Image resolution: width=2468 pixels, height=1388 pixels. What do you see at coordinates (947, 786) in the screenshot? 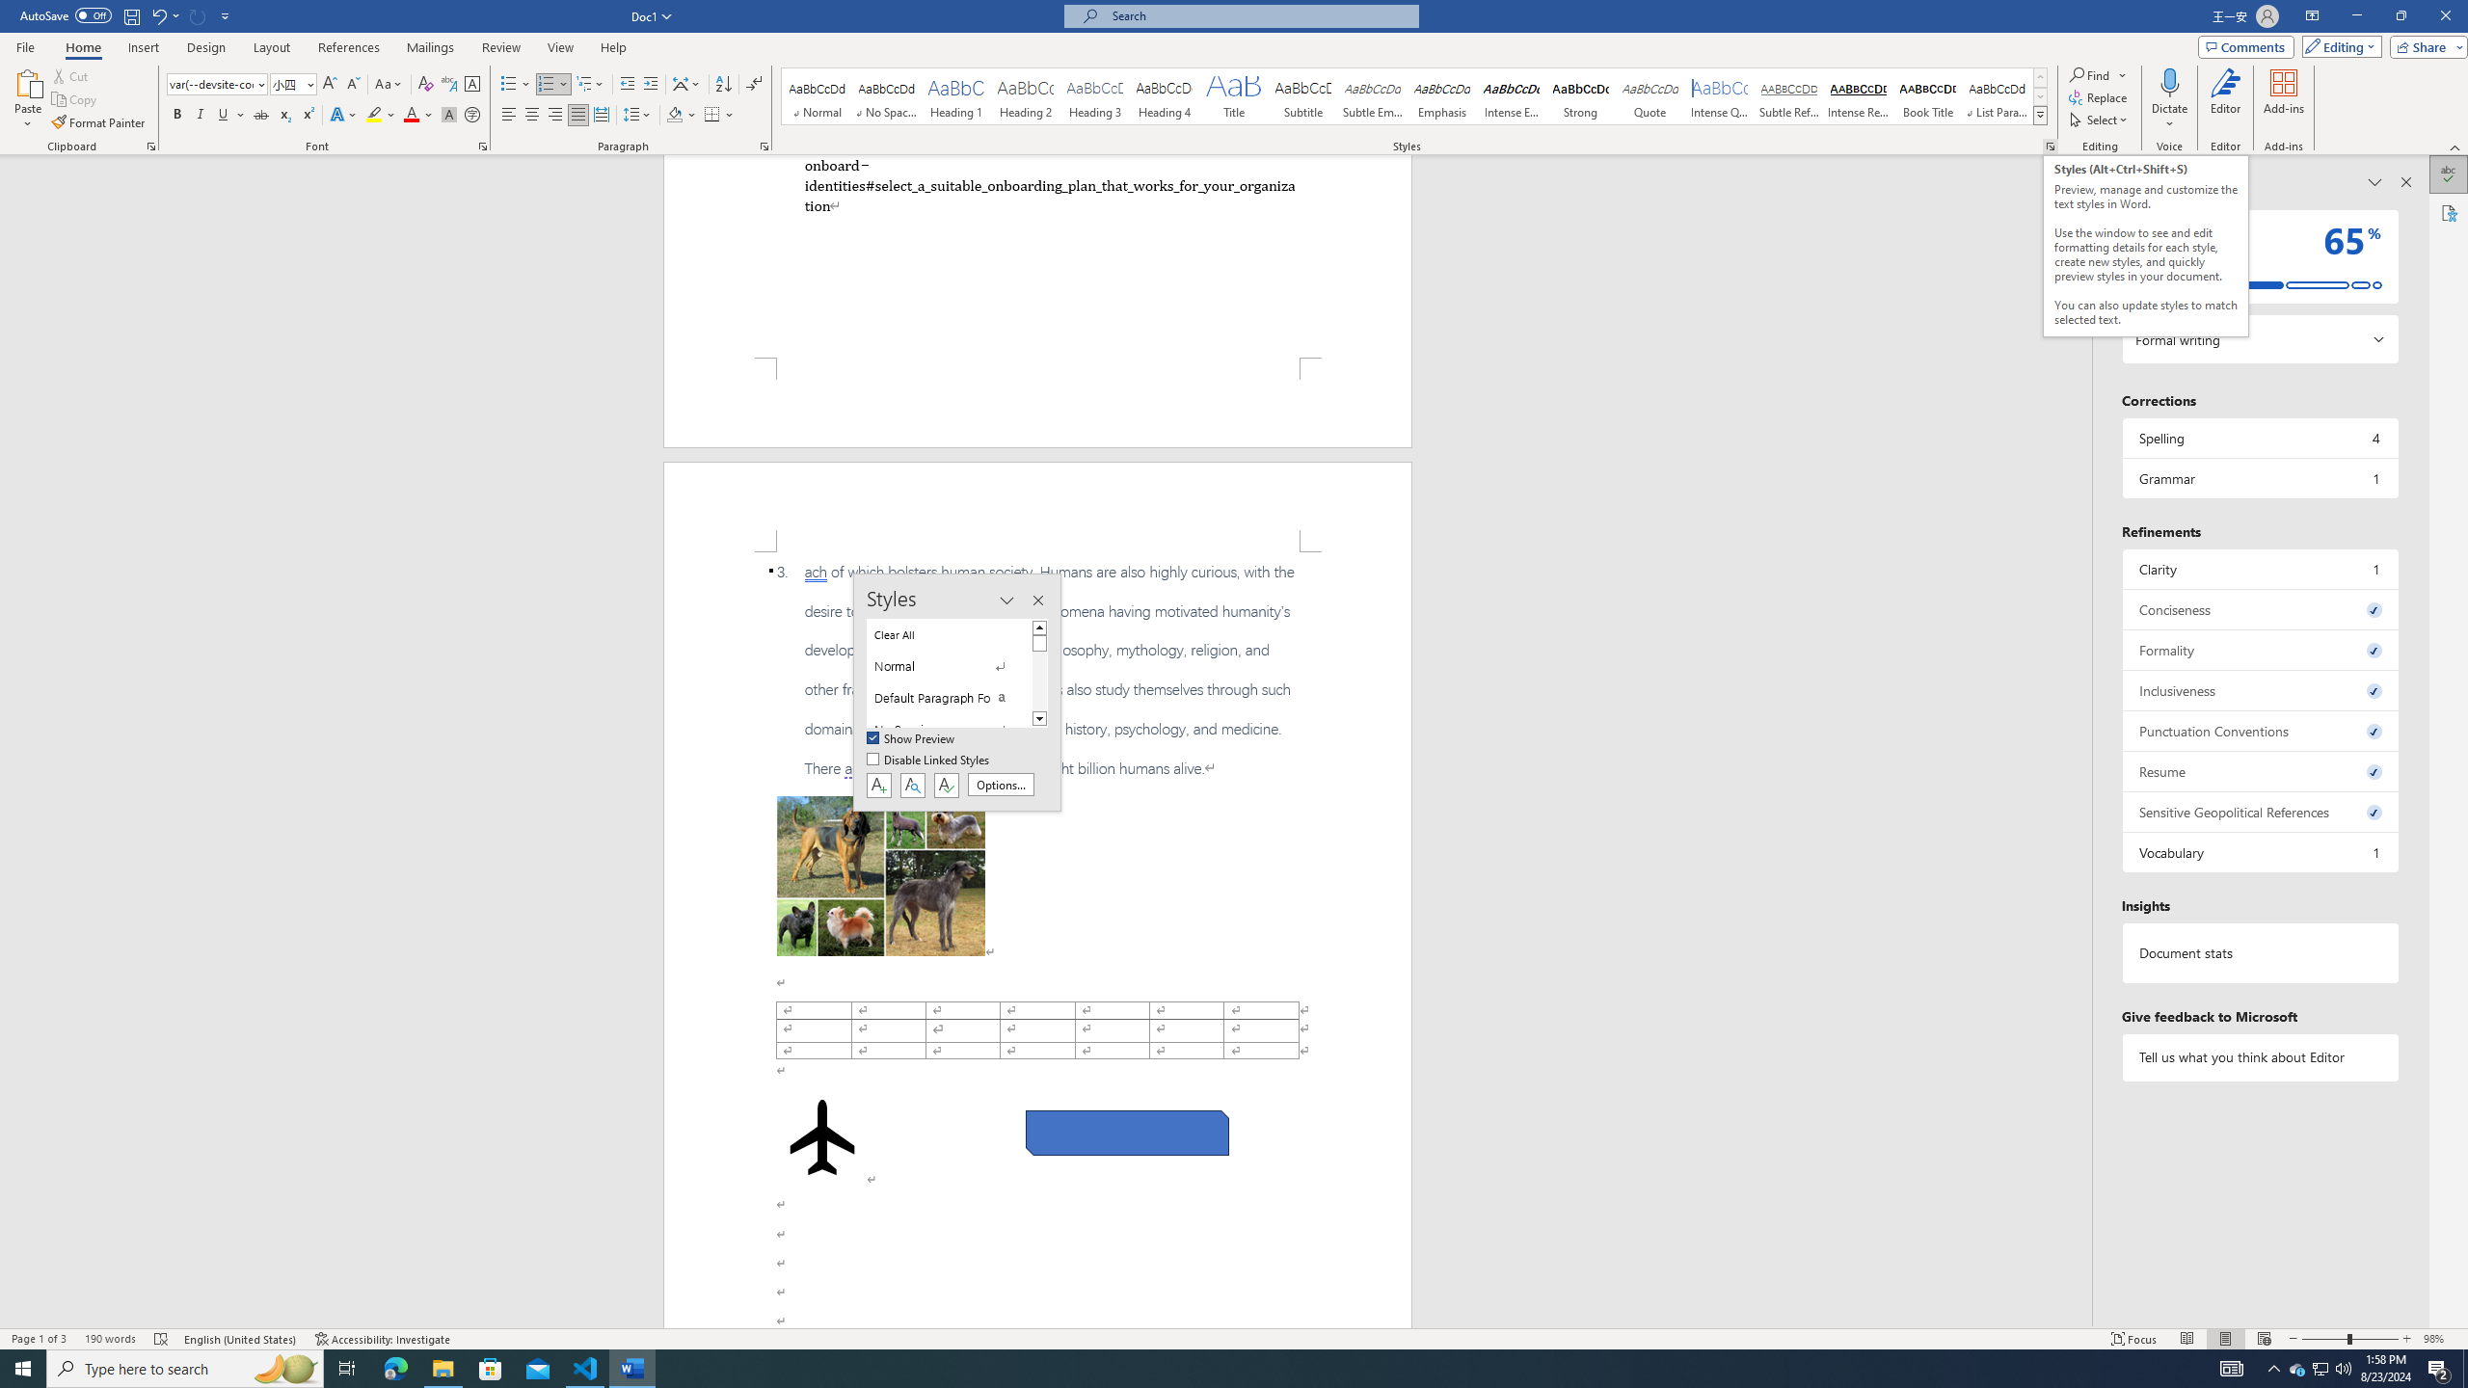
I see `'Class: NetUIButton'` at bounding box center [947, 786].